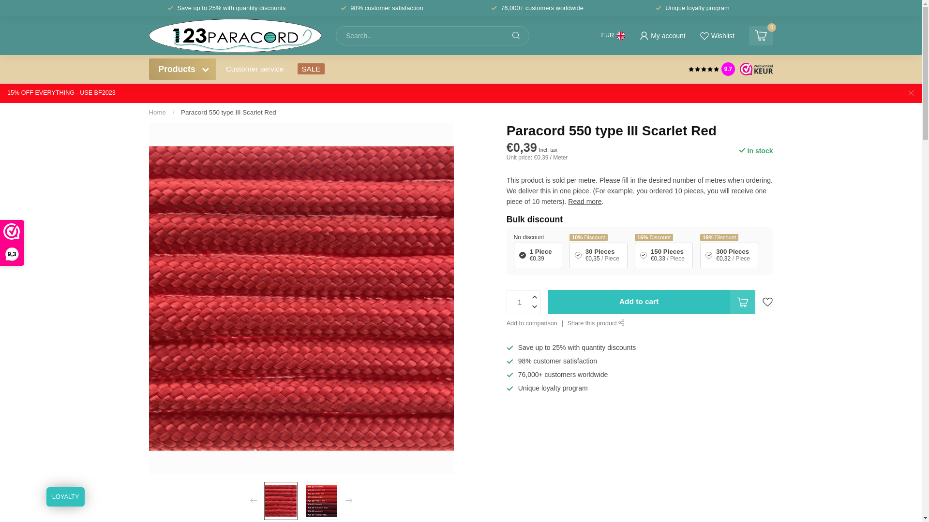  What do you see at coordinates (65, 497) in the screenshot?
I see `'LOYALTY'` at bounding box center [65, 497].